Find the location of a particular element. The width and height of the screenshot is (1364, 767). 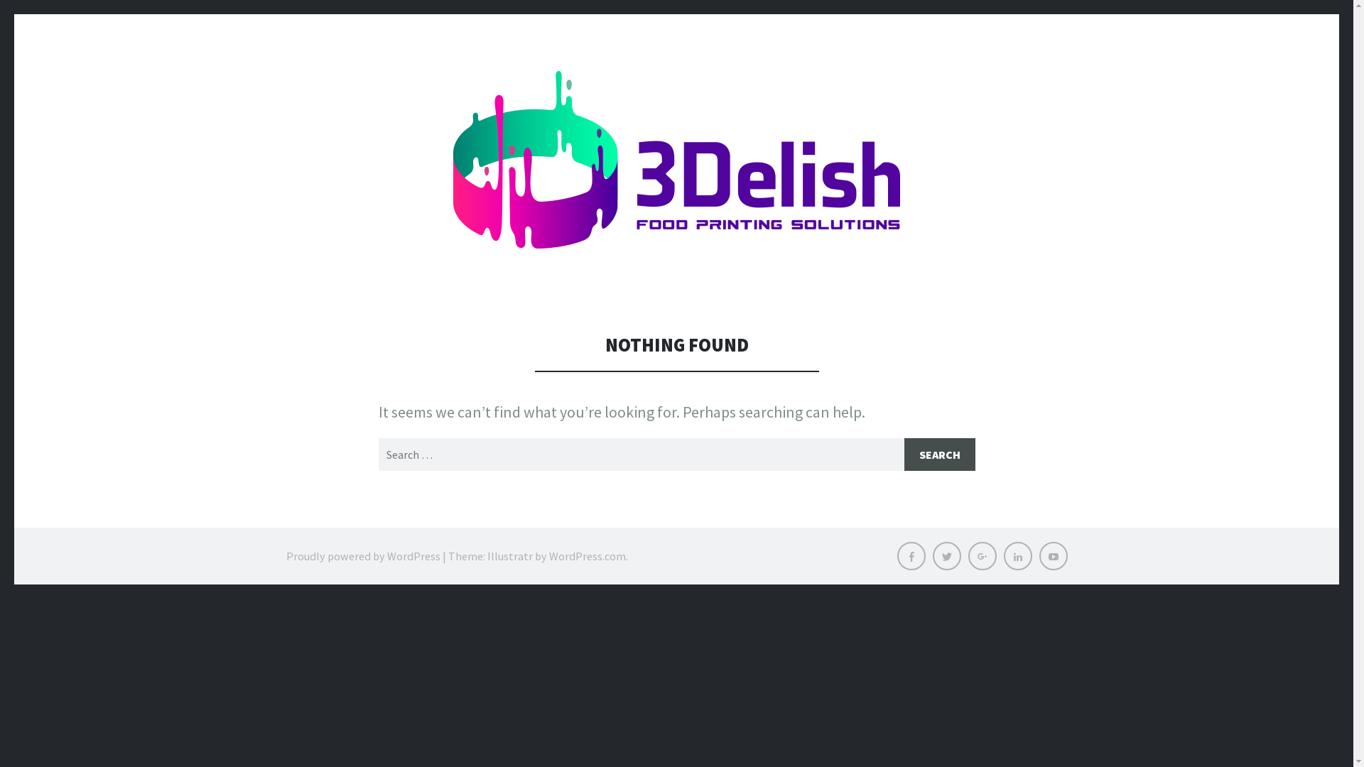

'Youtube' is located at coordinates (1053, 555).